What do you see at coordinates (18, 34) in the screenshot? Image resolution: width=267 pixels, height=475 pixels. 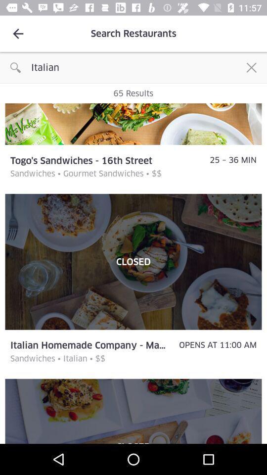 I see `the item next to search restaurants item` at bounding box center [18, 34].